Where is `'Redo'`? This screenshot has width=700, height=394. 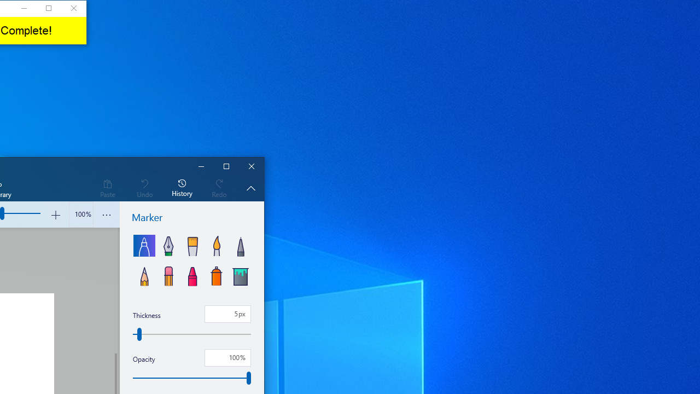 'Redo' is located at coordinates (219, 187).